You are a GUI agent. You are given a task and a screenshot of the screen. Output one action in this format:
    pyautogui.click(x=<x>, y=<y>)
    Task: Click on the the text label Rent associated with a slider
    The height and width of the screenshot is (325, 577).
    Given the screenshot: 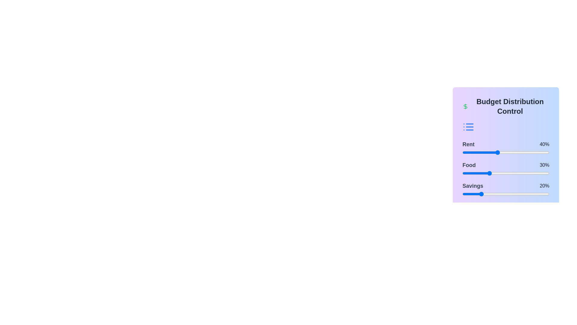 What is the action you would take?
    pyautogui.click(x=468, y=144)
    